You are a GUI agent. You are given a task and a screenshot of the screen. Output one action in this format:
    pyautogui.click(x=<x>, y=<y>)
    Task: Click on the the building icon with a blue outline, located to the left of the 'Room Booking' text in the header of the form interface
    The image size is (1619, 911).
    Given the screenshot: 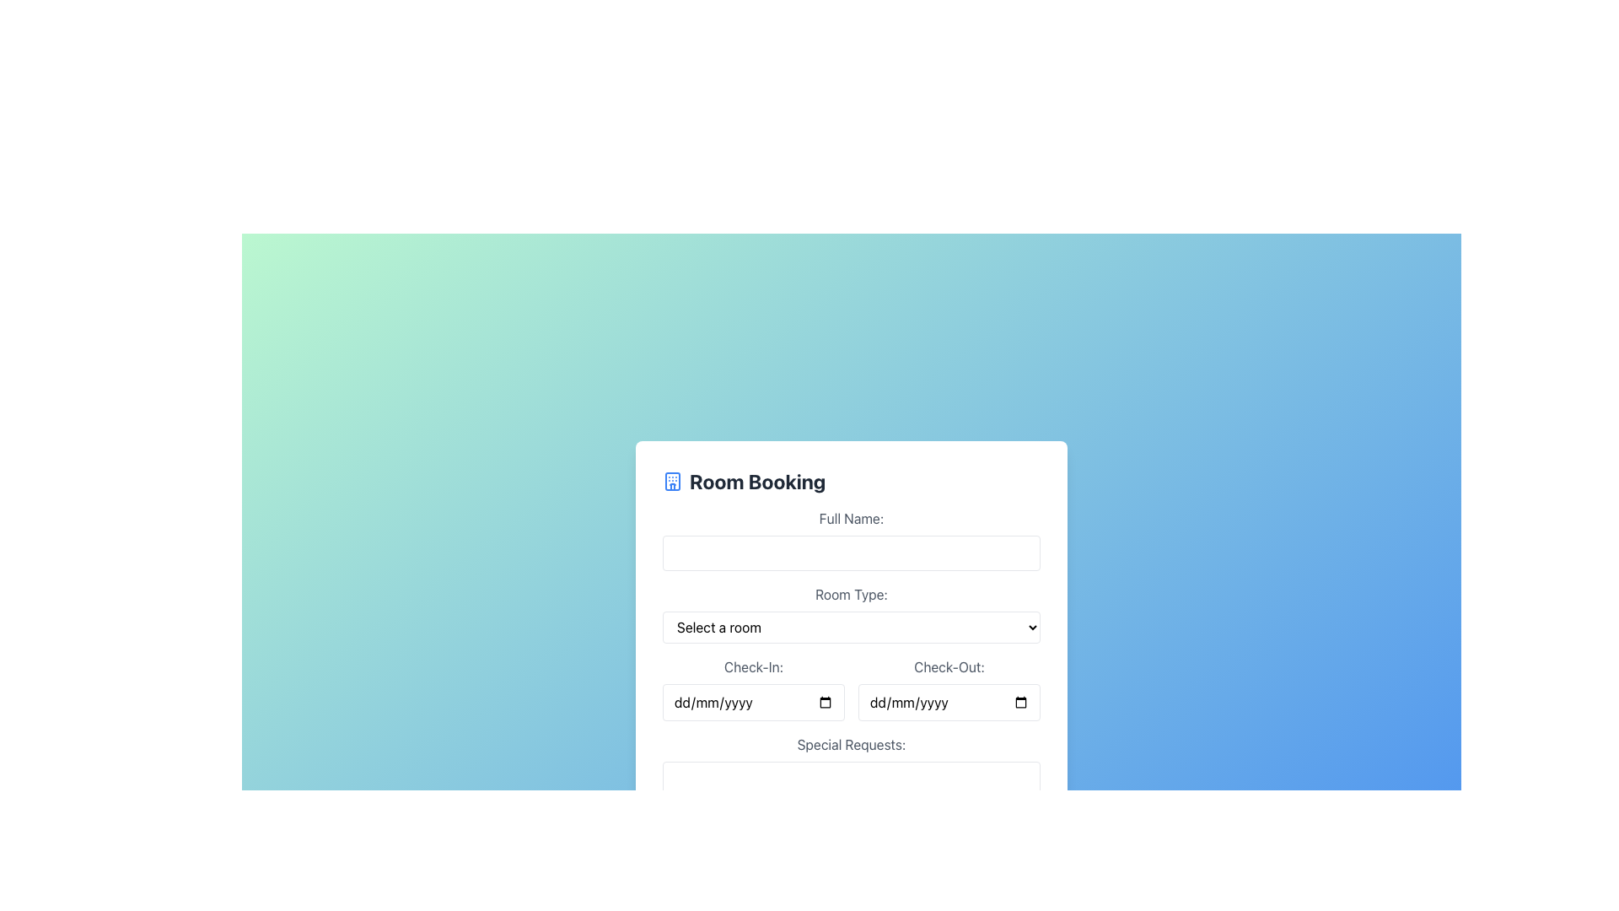 What is the action you would take?
    pyautogui.click(x=671, y=481)
    